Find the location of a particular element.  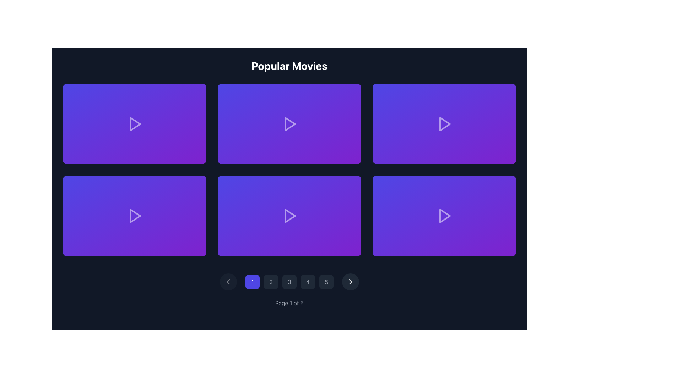

the left-arrow icon button located in the pagination control area is located at coordinates (228, 281).